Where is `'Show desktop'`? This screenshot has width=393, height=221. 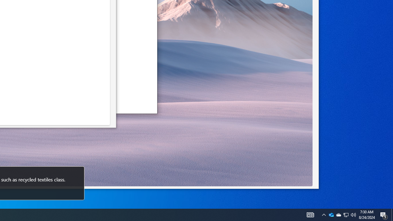 'Show desktop' is located at coordinates (392, 214).